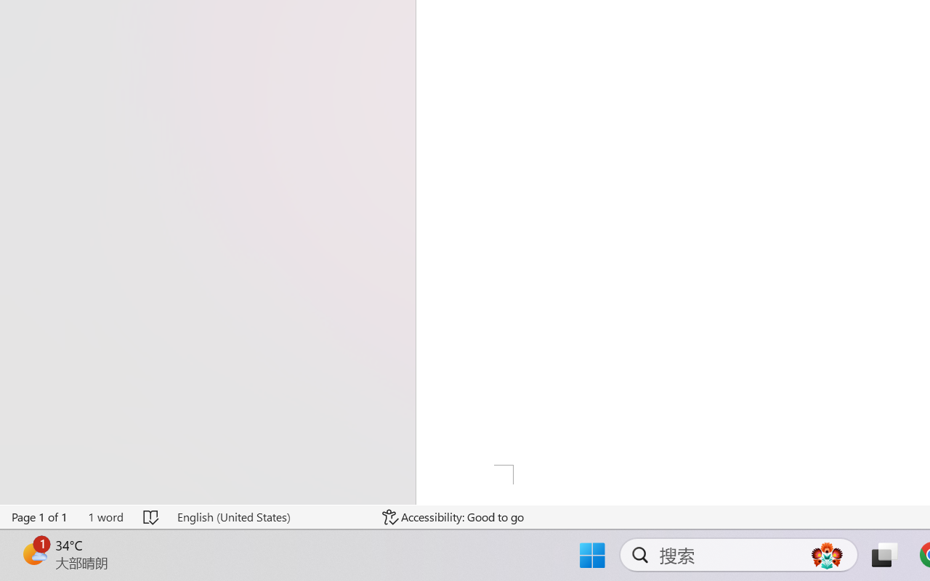 This screenshot has width=930, height=581. Describe the element at coordinates (33, 553) in the screenshot. I see `'AutomationID: BadgeAnchorLargeTicker'` at that location.